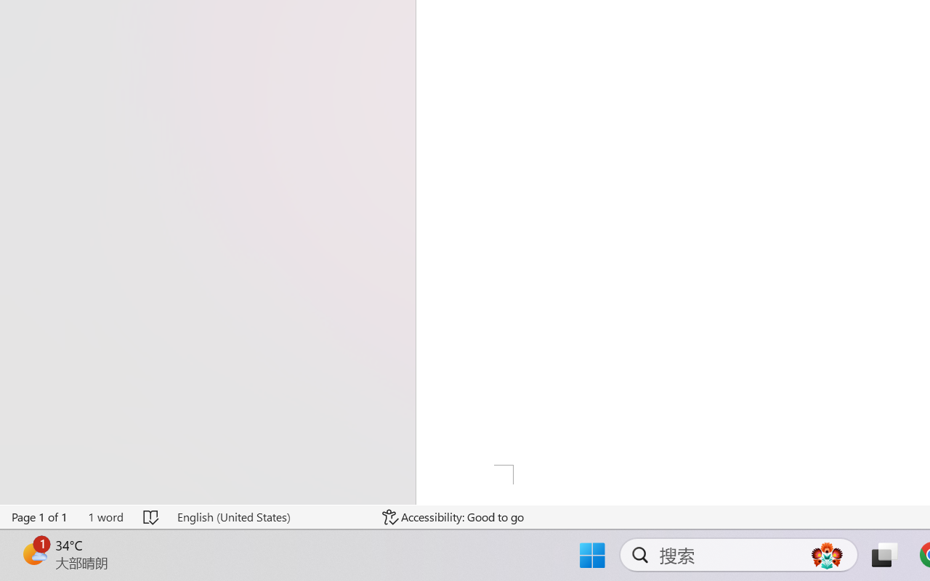 This screenshot has width=930, height=581. Describe the element at coordinates (33, 553) in the screenshot. I see `'AutomationID: BadgeAnchorLargeTicker'` at that location.